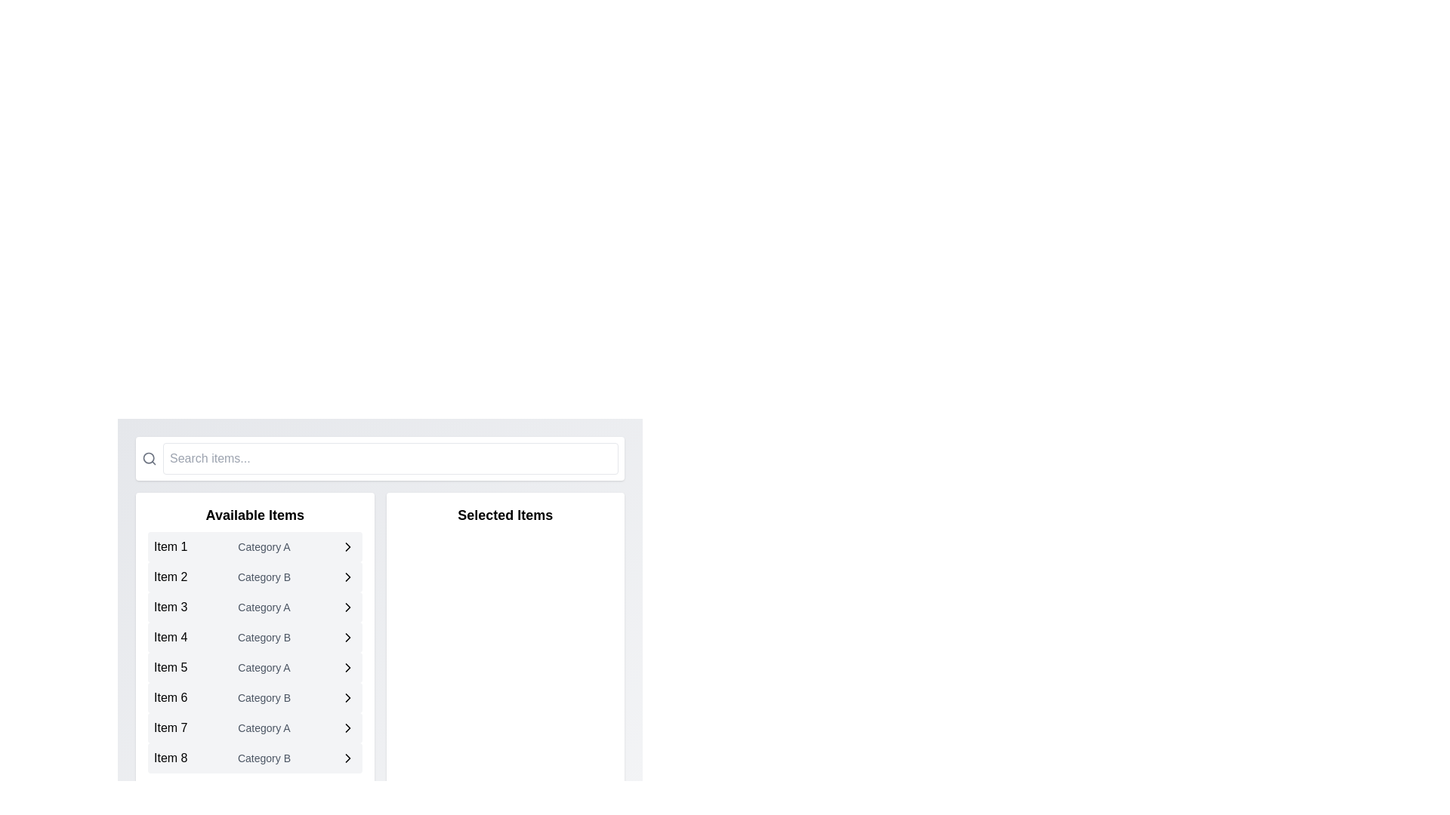 The width and height of the screenshot is (1450, 815). Describe the element at coordinates (171, 637) in the screenshot. I see `the elements in the row labeled 'Item 4' under 'Available Items', which includes the text label serving as a descriptor for the item` at that location.